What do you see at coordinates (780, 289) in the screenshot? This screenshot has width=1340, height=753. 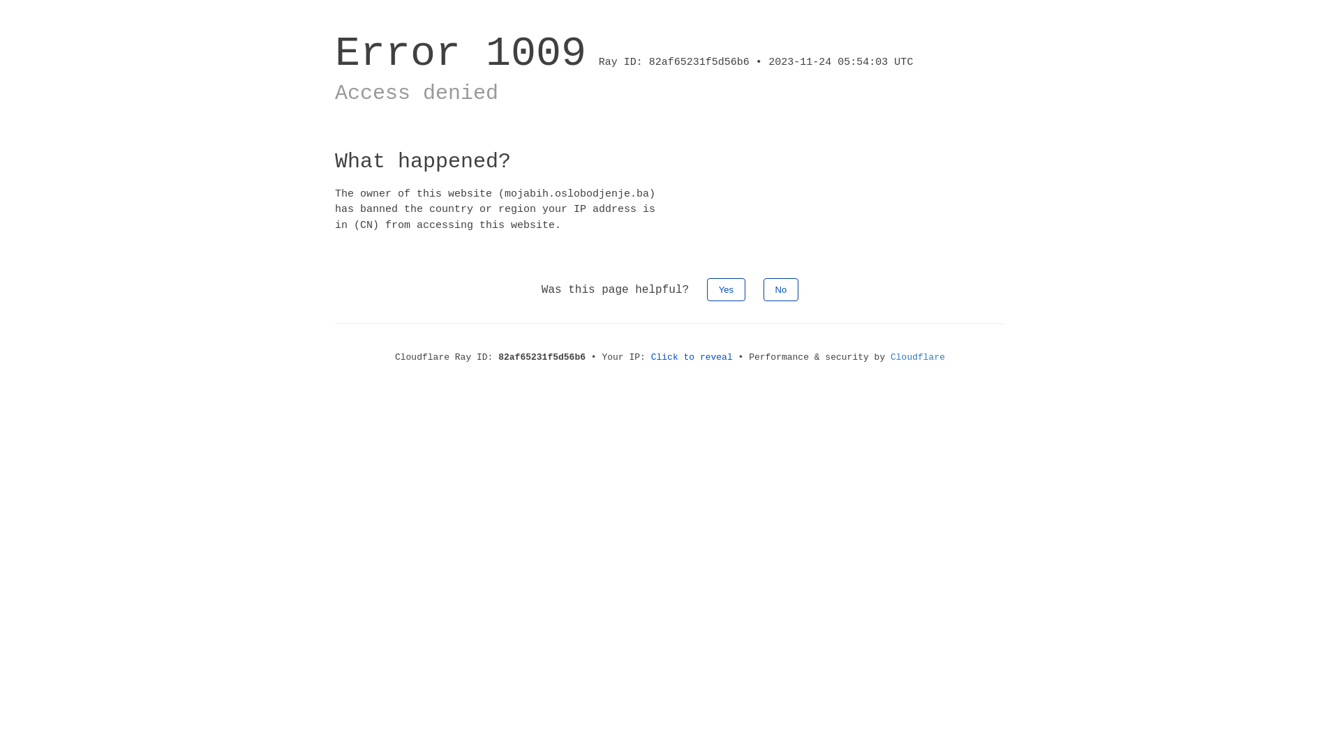 I see `'No'` at bounding box center [780, 289].